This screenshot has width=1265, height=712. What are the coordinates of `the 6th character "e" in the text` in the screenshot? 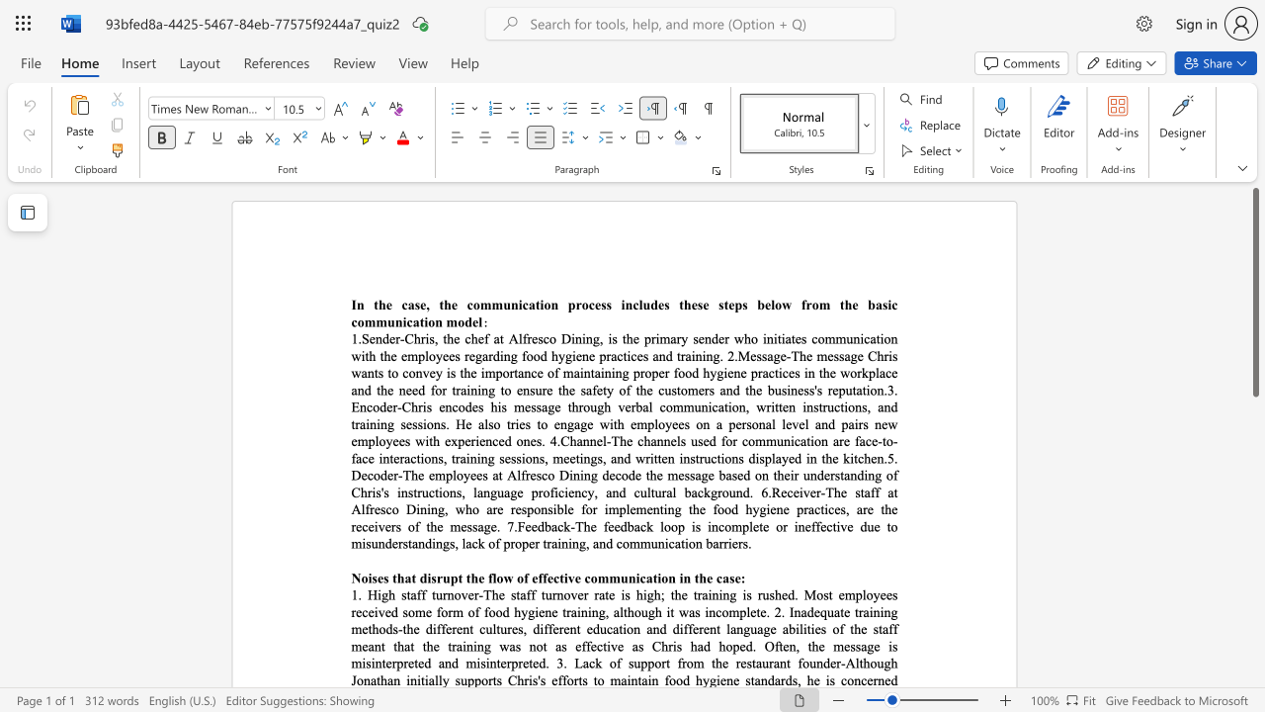 It's located at (837, 508).